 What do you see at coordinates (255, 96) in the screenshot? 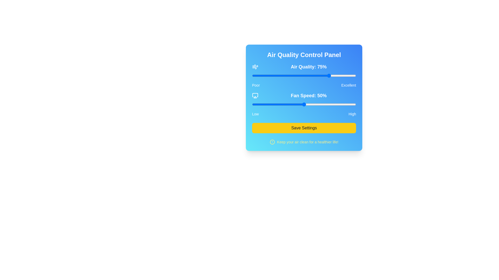
I see `the Airplay icon located to the left of the 'Fan Speed: 50%' label in the 'Fan Speed' section of the Air Quality Control Panel interface` at bounding box center [255, 96].